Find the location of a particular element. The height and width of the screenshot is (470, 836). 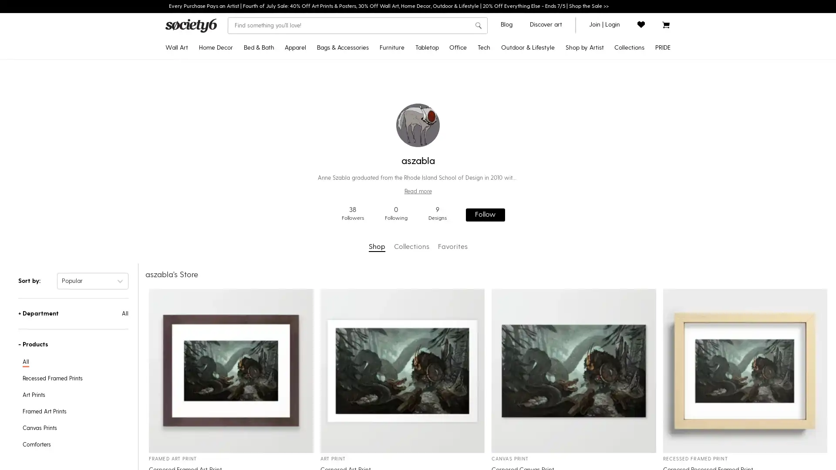

iPad Folio Cases is located at coordinates (515, 154).